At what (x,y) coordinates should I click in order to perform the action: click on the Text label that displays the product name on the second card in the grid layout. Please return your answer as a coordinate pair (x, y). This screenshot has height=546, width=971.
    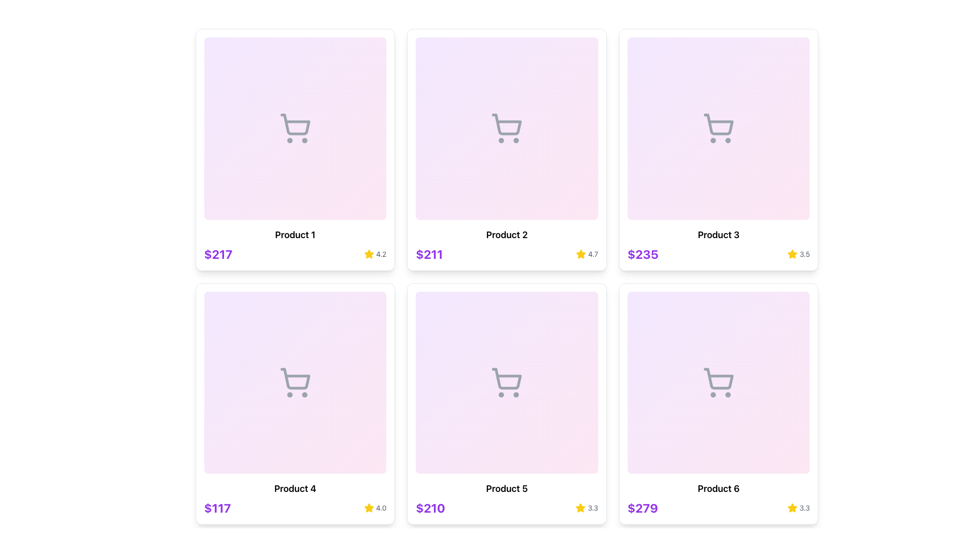
    Looking at the image, I should click on (507, 235).